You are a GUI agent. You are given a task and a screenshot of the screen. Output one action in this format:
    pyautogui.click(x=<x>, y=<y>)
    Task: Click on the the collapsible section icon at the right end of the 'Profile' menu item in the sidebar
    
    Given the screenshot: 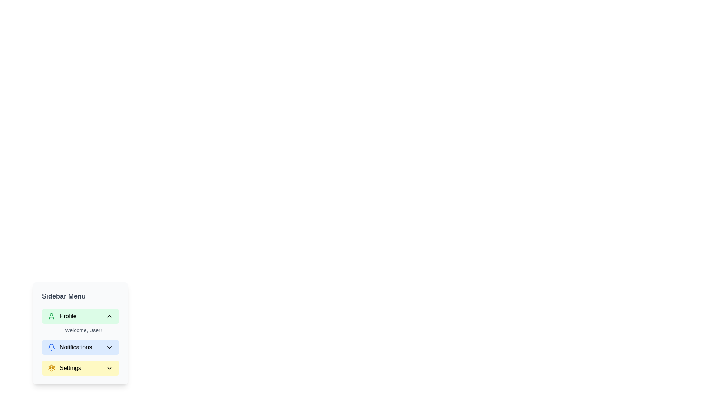 What is the action you would take?
    pyautogui.click(x=109, y=316)
    